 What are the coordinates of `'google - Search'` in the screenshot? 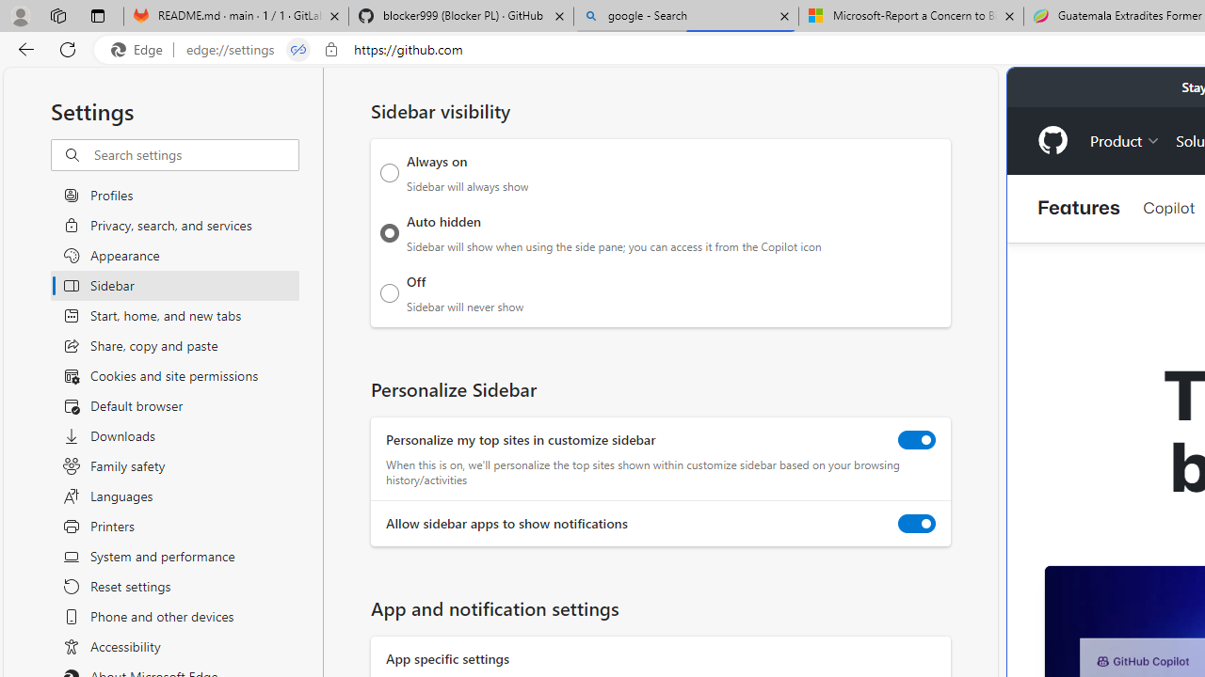 It's located at (685, 16).